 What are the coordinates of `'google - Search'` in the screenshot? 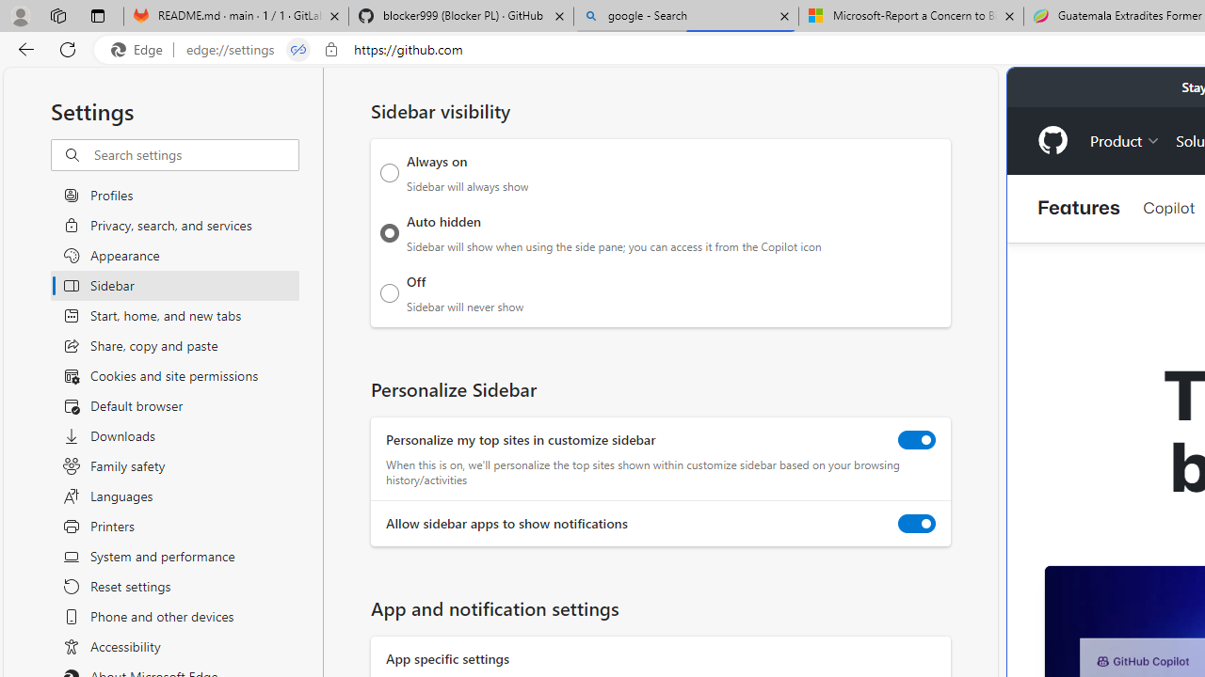 It's located at (685, 16).